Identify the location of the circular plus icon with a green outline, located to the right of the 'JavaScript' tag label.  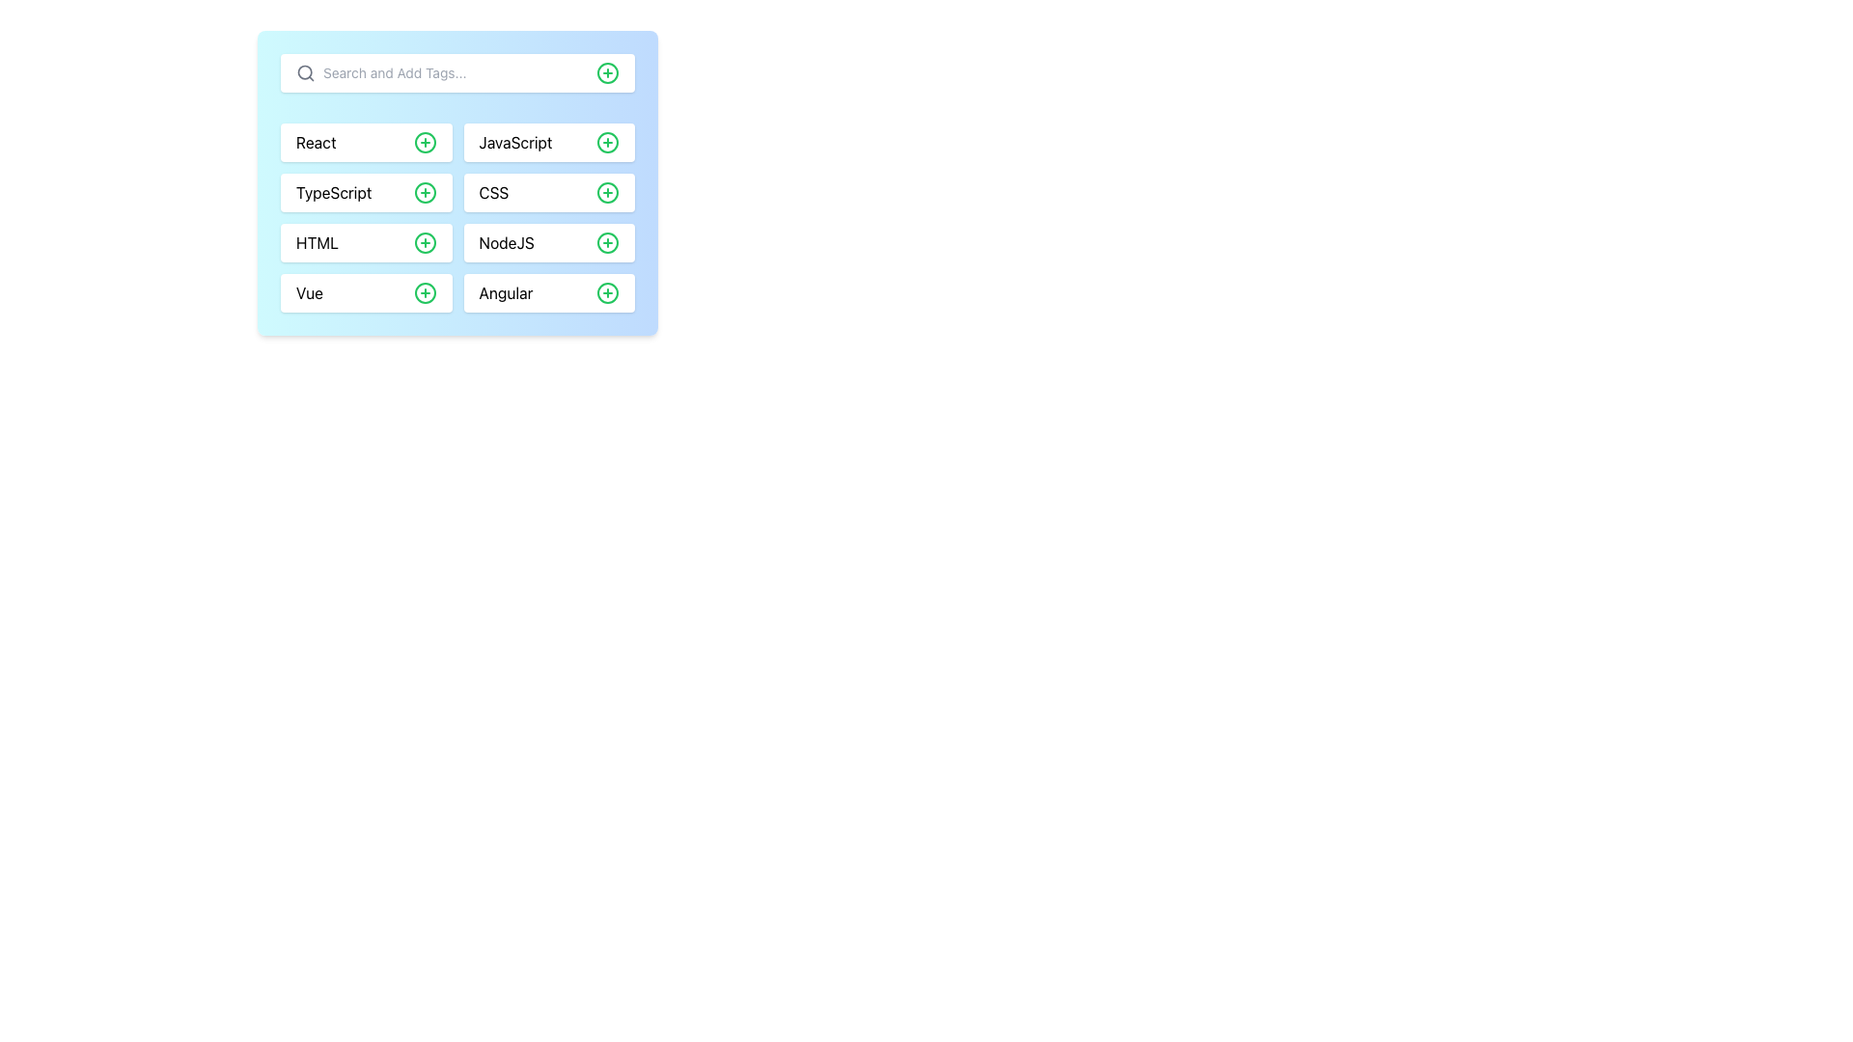
(606, 141).